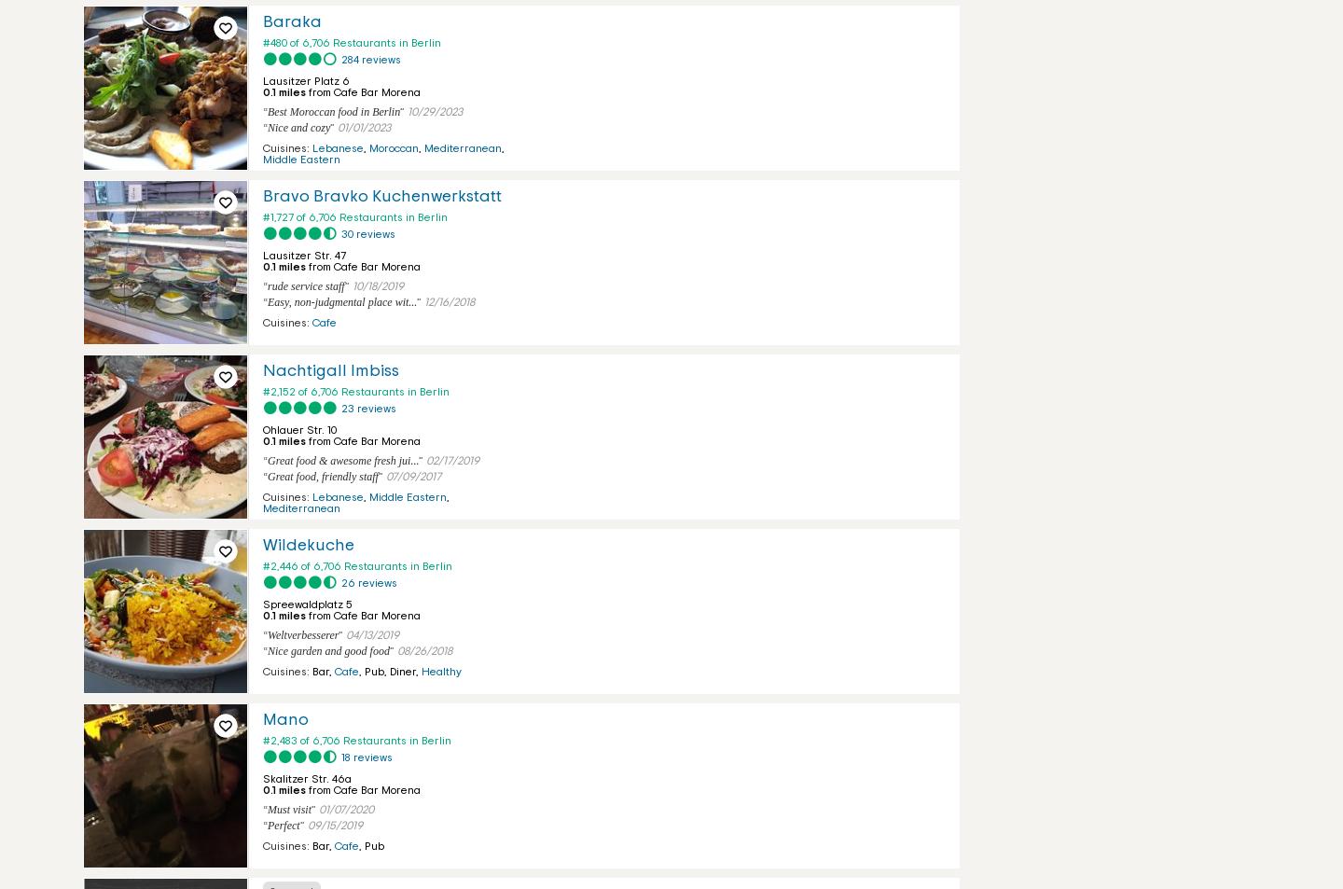 This screenshot has width=1343, height=889. I want to click on '#480 of 6,706 Restaurants in Berlin', so click(351, 42).